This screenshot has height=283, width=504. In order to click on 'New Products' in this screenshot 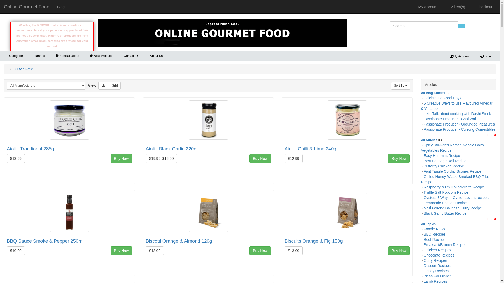, I will do `click(84, 56)`.